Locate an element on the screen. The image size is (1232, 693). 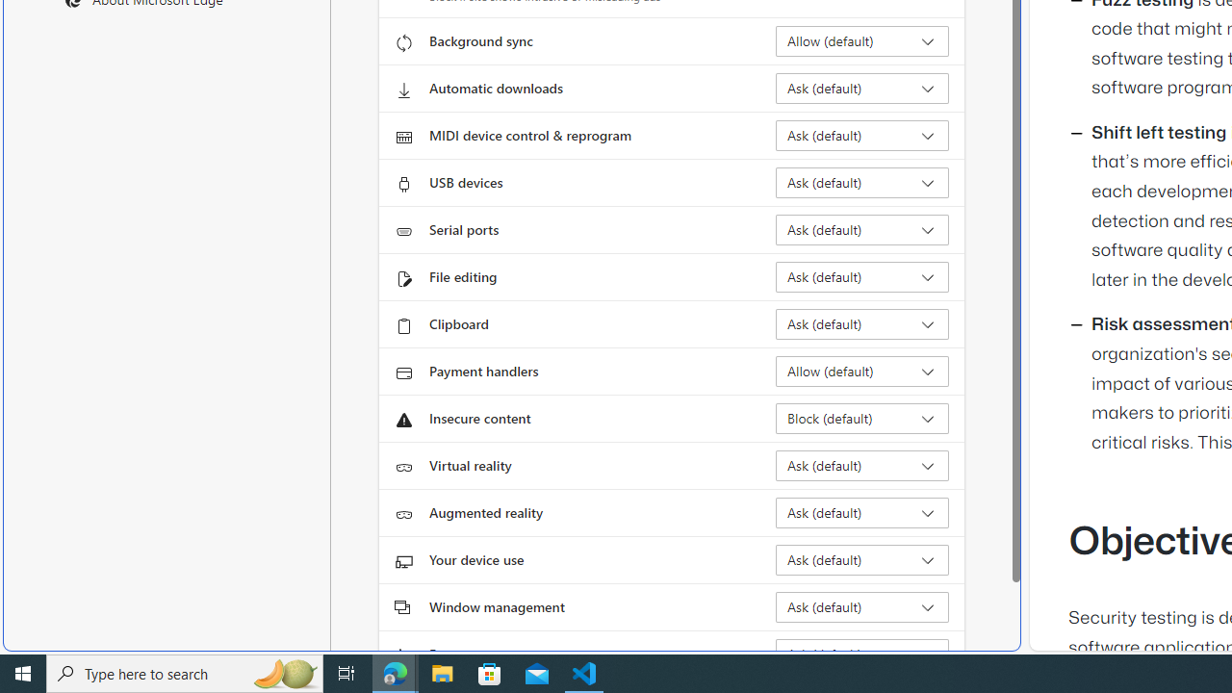
'Background sync Allow (default)' is located at coordinates (861, 41).